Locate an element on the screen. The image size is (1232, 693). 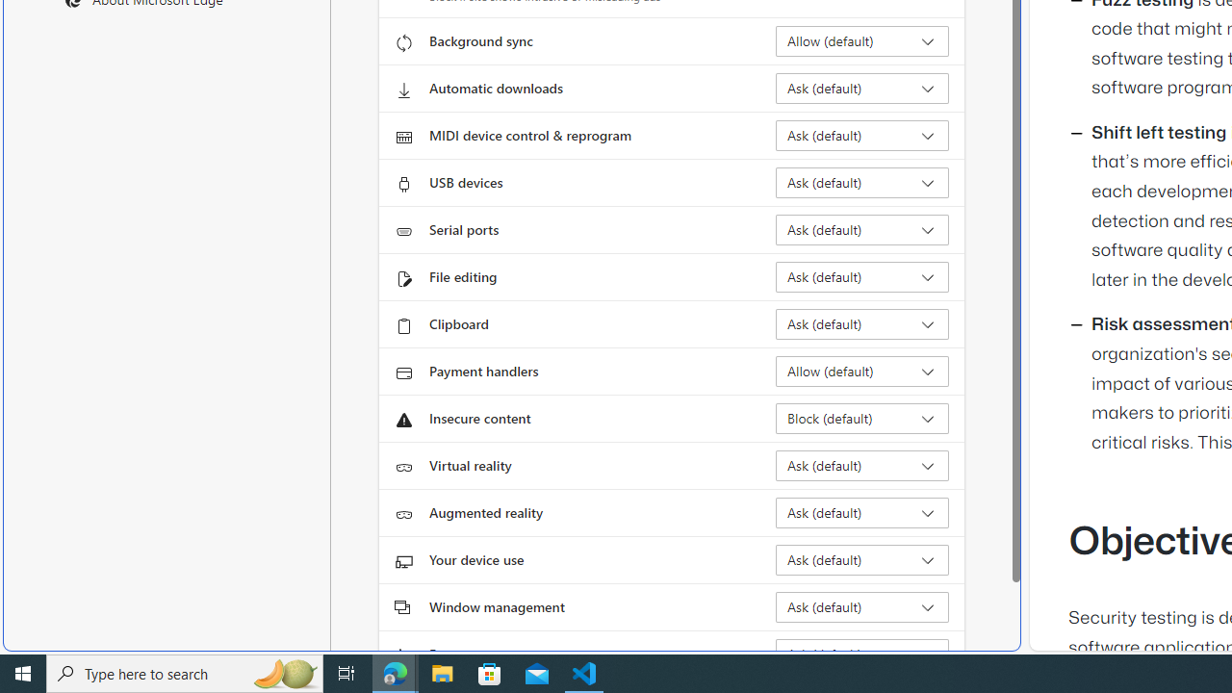
'Background sync Allow (default)' is located at coordinates (861, 41).